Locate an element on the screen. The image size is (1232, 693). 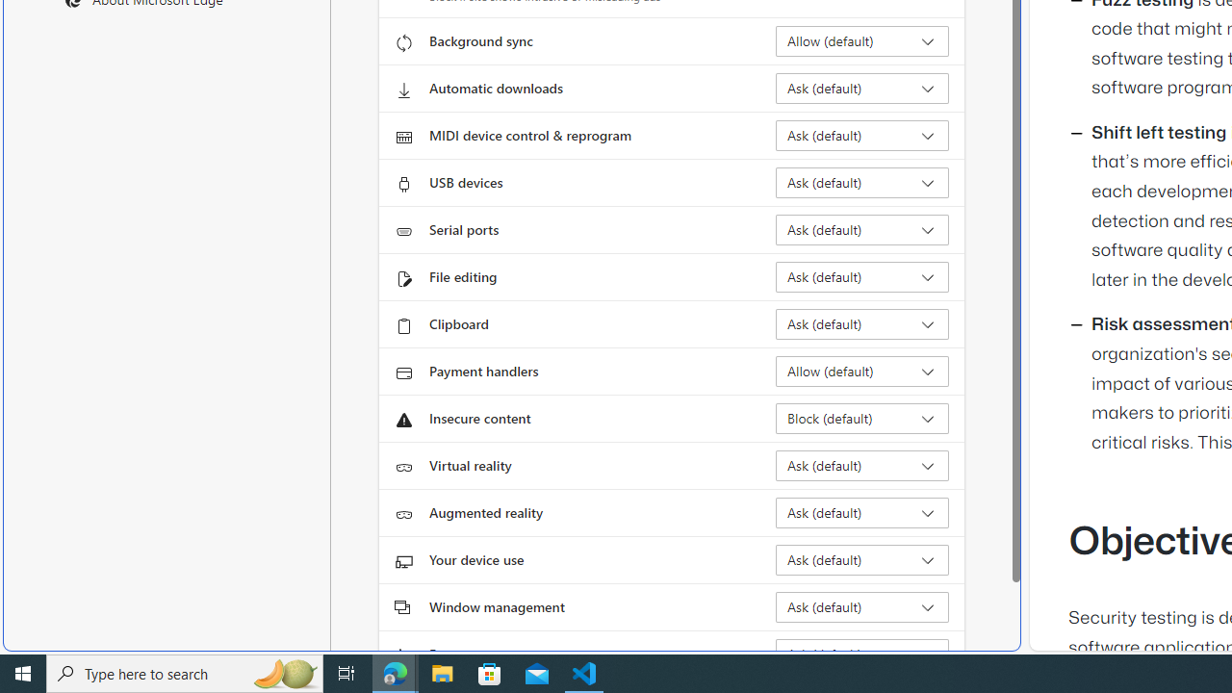
'Background sync Allow (default)' is located at coordinates (861, 41).